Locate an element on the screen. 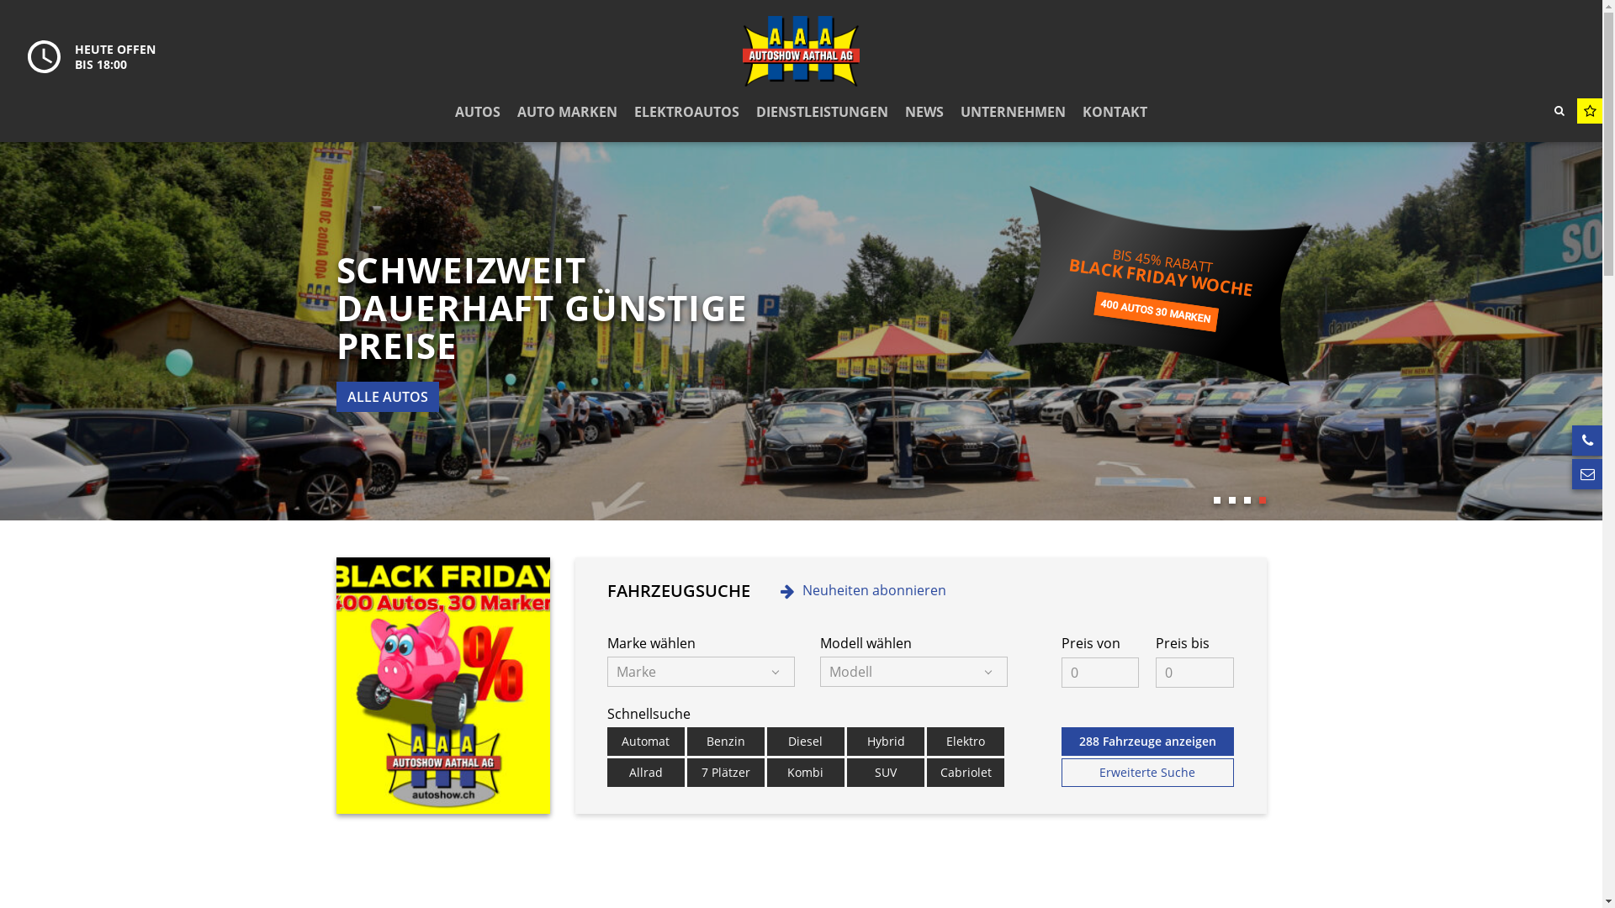 Image resolution: width=1615 pixels, height=908 pixels. '400 AUTOS 30 MARKEN' is located at coordinates (1153, 301).